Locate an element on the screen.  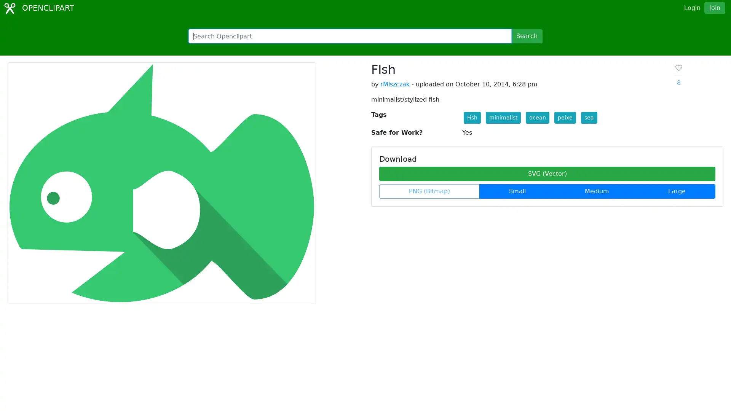
peixe is located at coordinates (565, 118).